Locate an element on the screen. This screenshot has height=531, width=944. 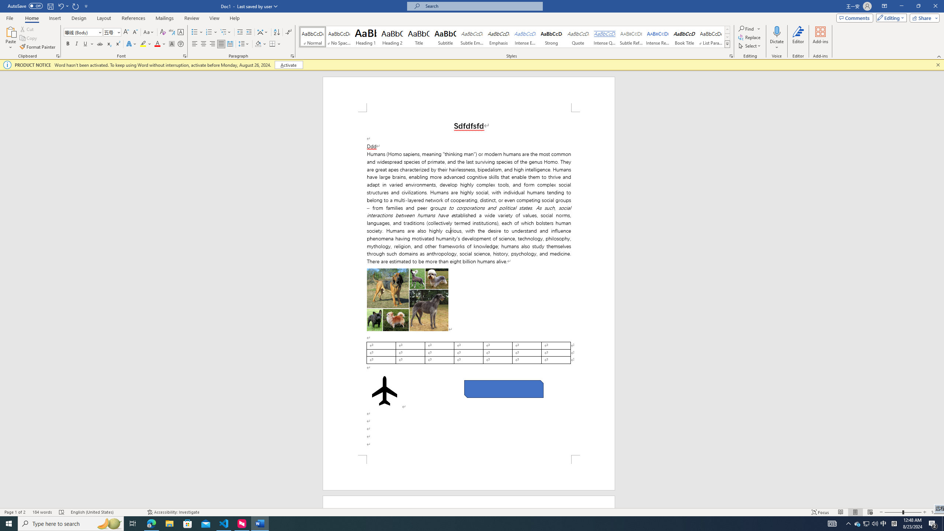
'Undo Italic' is located at coordinates (60, 6).